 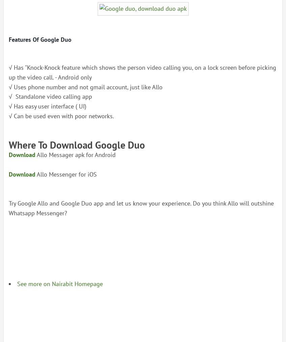 What do you see at coordinates (66, 174) in the screenshot?
I see `'Allo Messenger for iOS'` at bounding box center [66, 174].